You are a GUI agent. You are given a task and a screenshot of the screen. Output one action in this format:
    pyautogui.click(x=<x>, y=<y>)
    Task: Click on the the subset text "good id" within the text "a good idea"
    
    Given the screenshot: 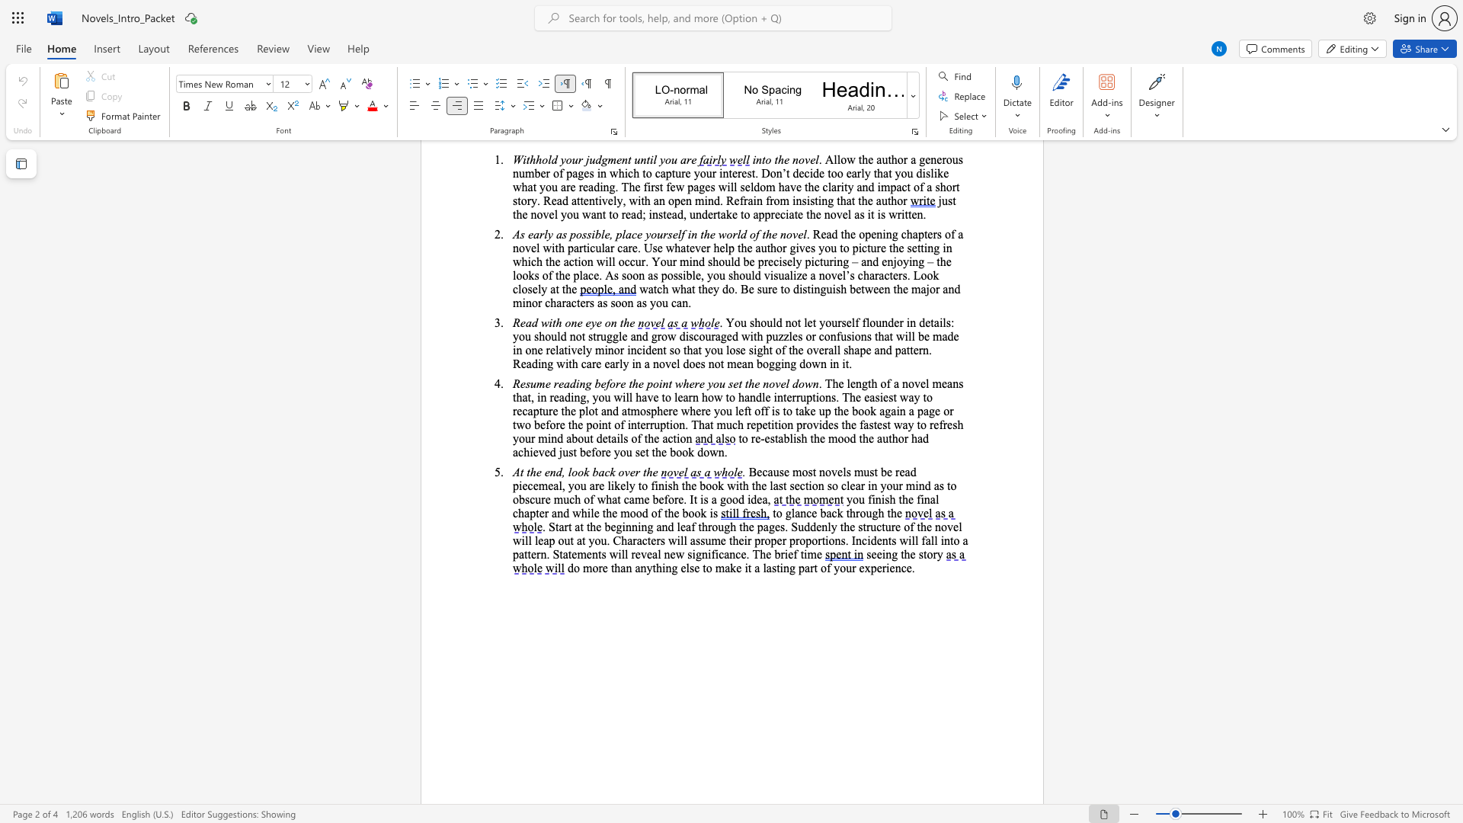 What is the action you would take?
    pyautogui.click(x=719, y=499)
    